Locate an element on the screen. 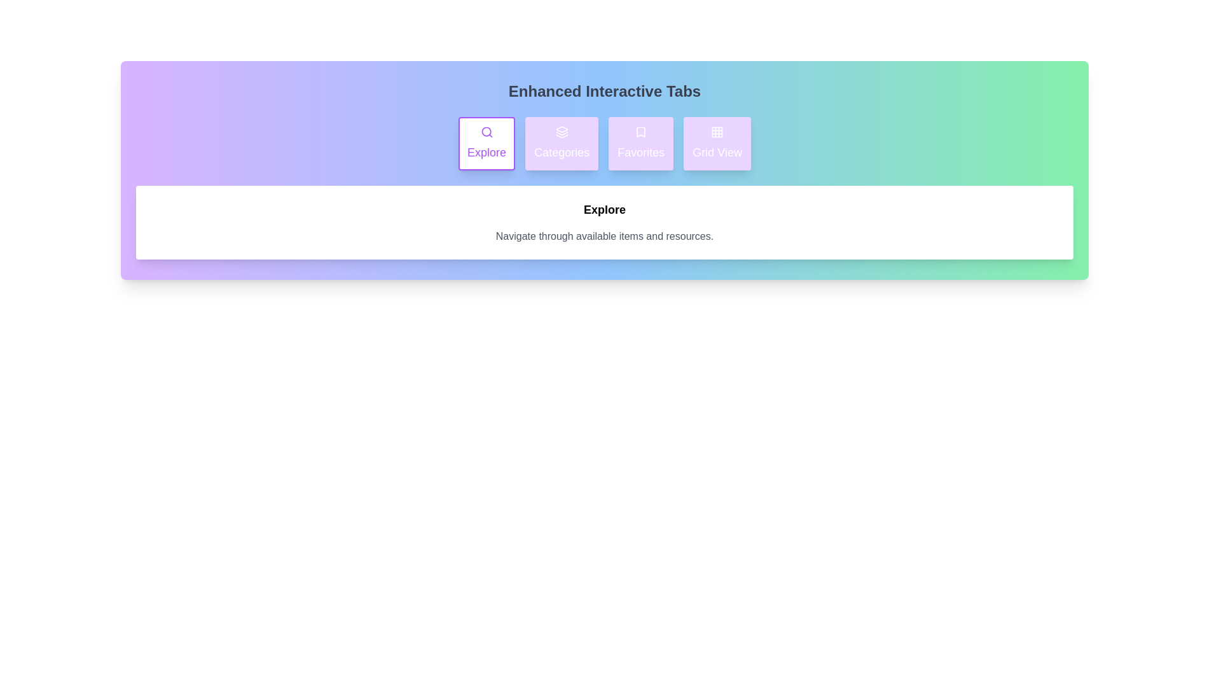  the tab labeled Grid View to observe the hover effect is located at coordinates (717, 143).